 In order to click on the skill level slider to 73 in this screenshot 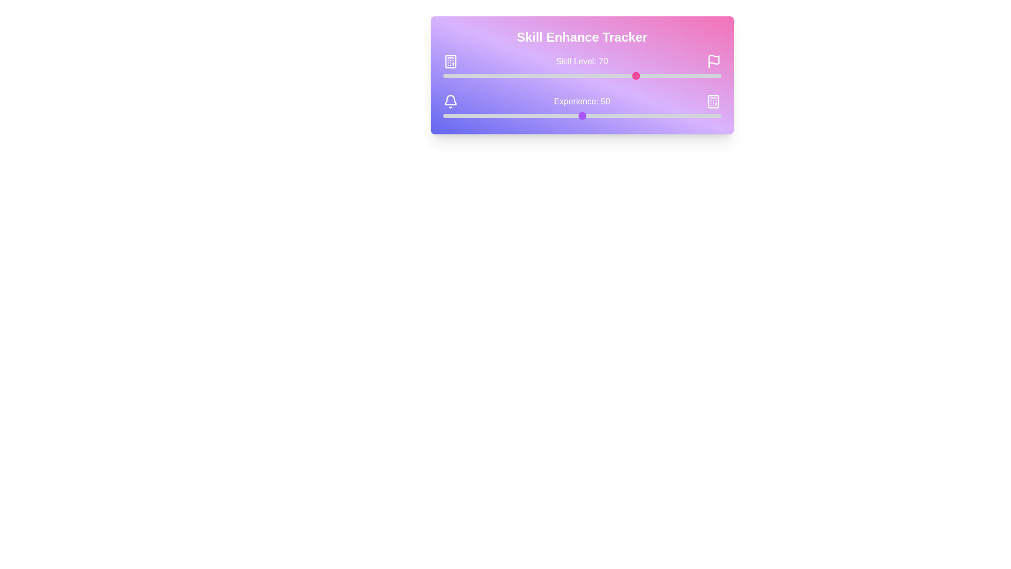, I will do `click(645, 75)`.